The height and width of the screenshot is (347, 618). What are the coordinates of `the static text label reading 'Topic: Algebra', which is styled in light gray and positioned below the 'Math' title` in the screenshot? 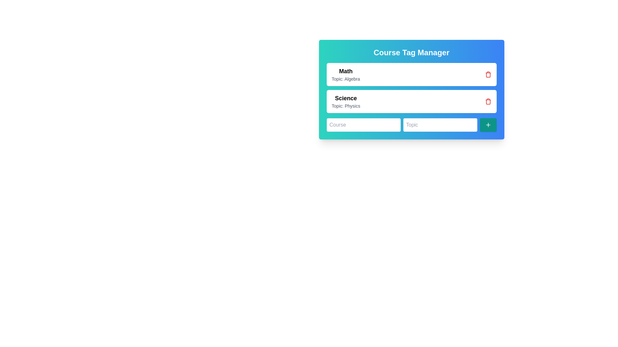 It's located at (345, 79).